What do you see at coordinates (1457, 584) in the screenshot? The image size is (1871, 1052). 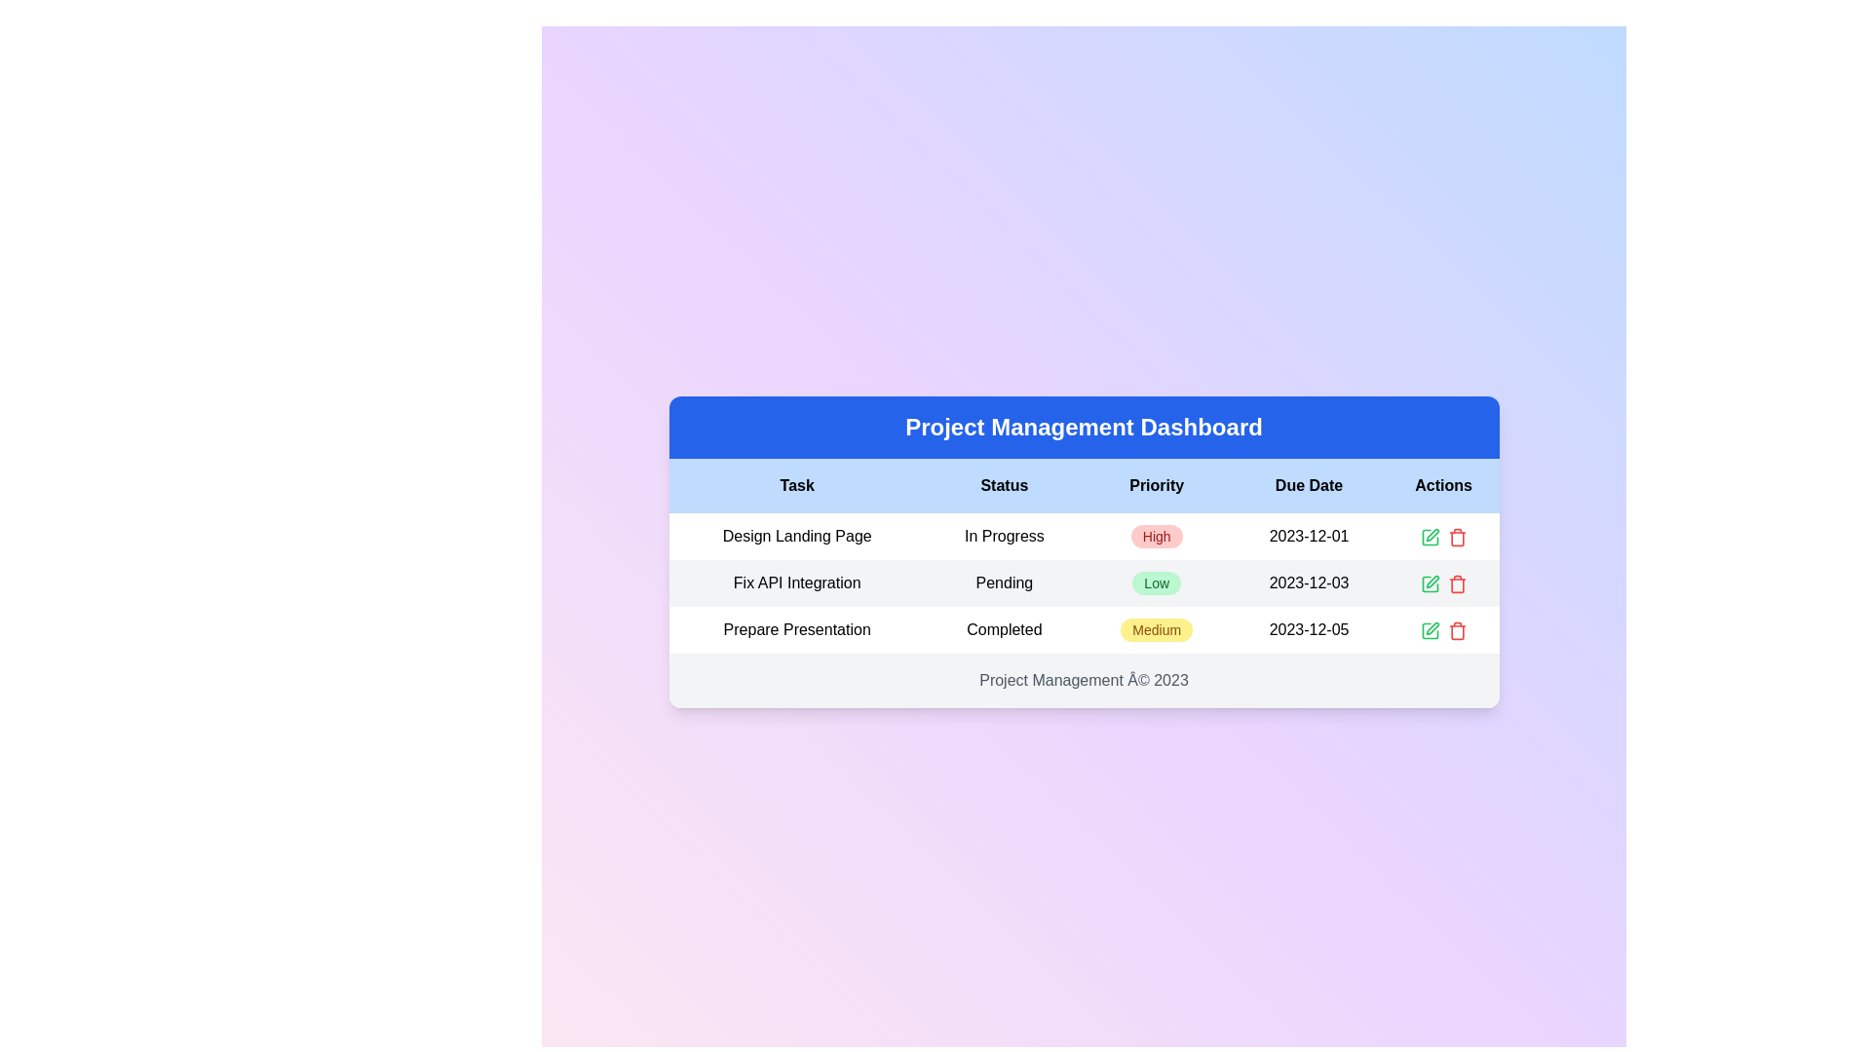 I see `the delete icon in the Actions column of the third row, corresponding to the 'Prepare Presentation' task` at bounding box center [1457, 584].